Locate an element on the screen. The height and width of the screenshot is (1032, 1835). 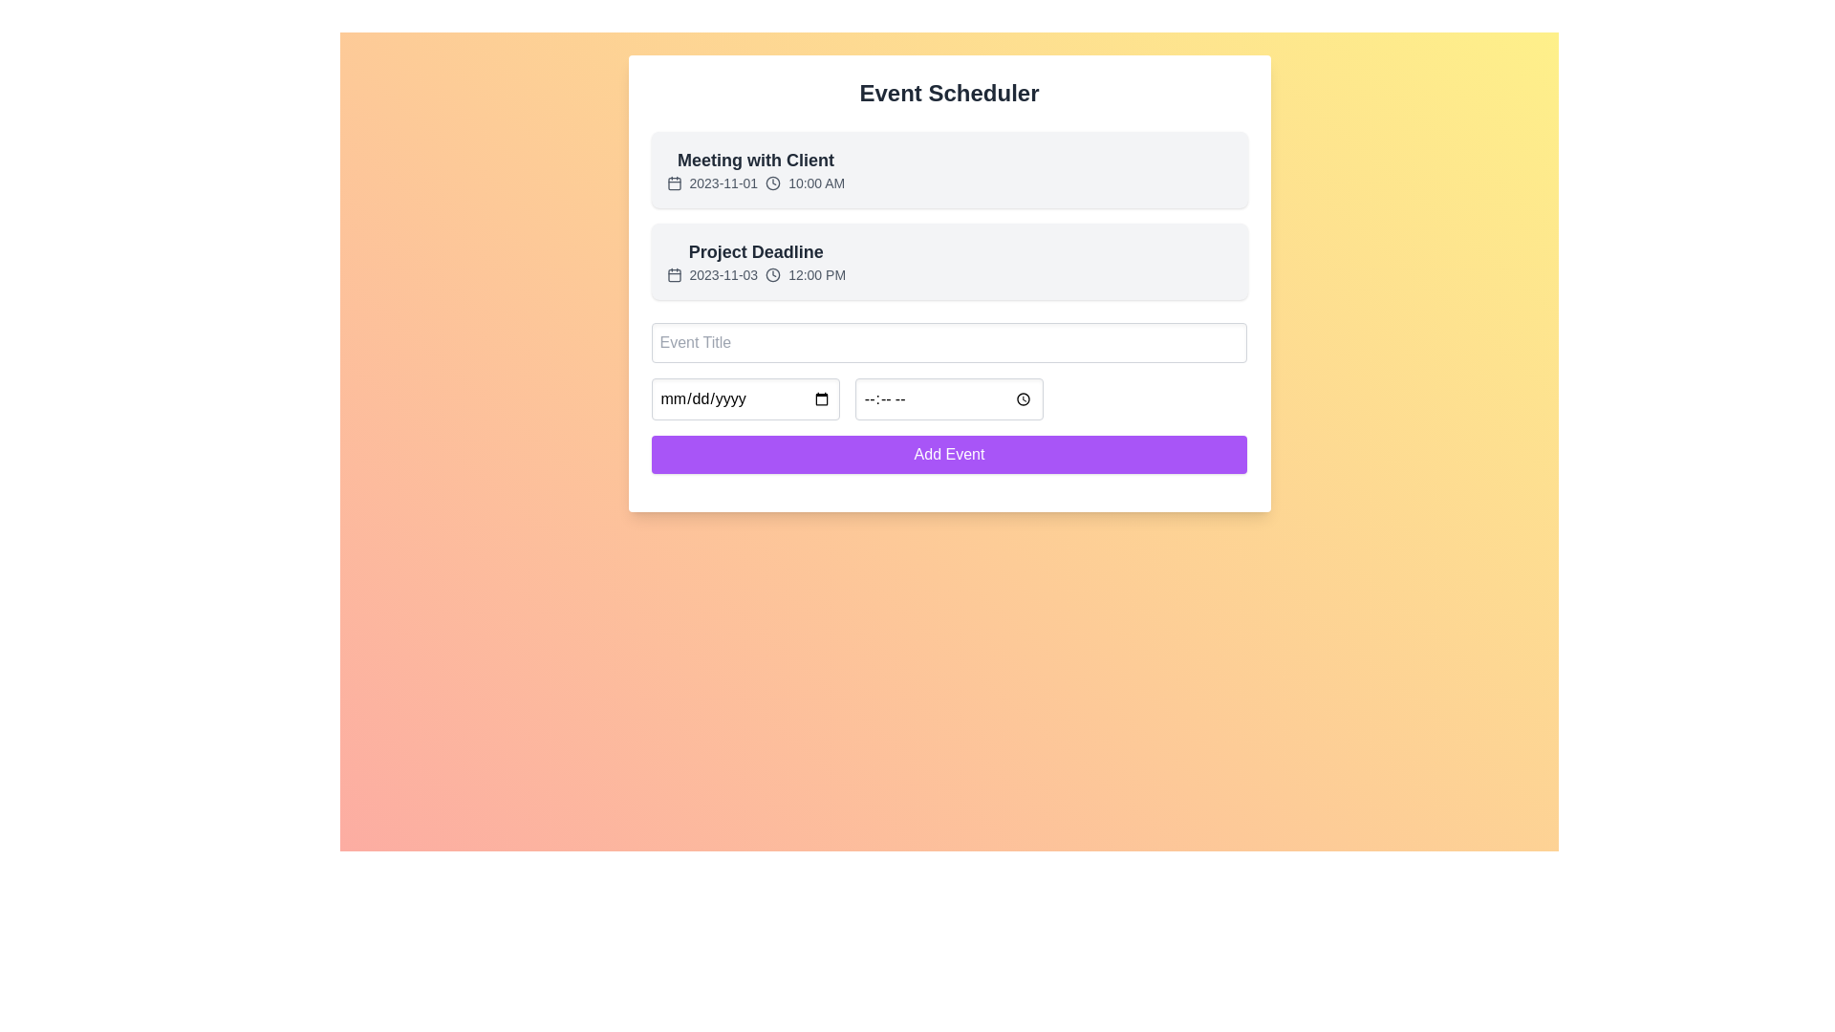
the button at the bottom of the form is located at coordinates (949, 454).